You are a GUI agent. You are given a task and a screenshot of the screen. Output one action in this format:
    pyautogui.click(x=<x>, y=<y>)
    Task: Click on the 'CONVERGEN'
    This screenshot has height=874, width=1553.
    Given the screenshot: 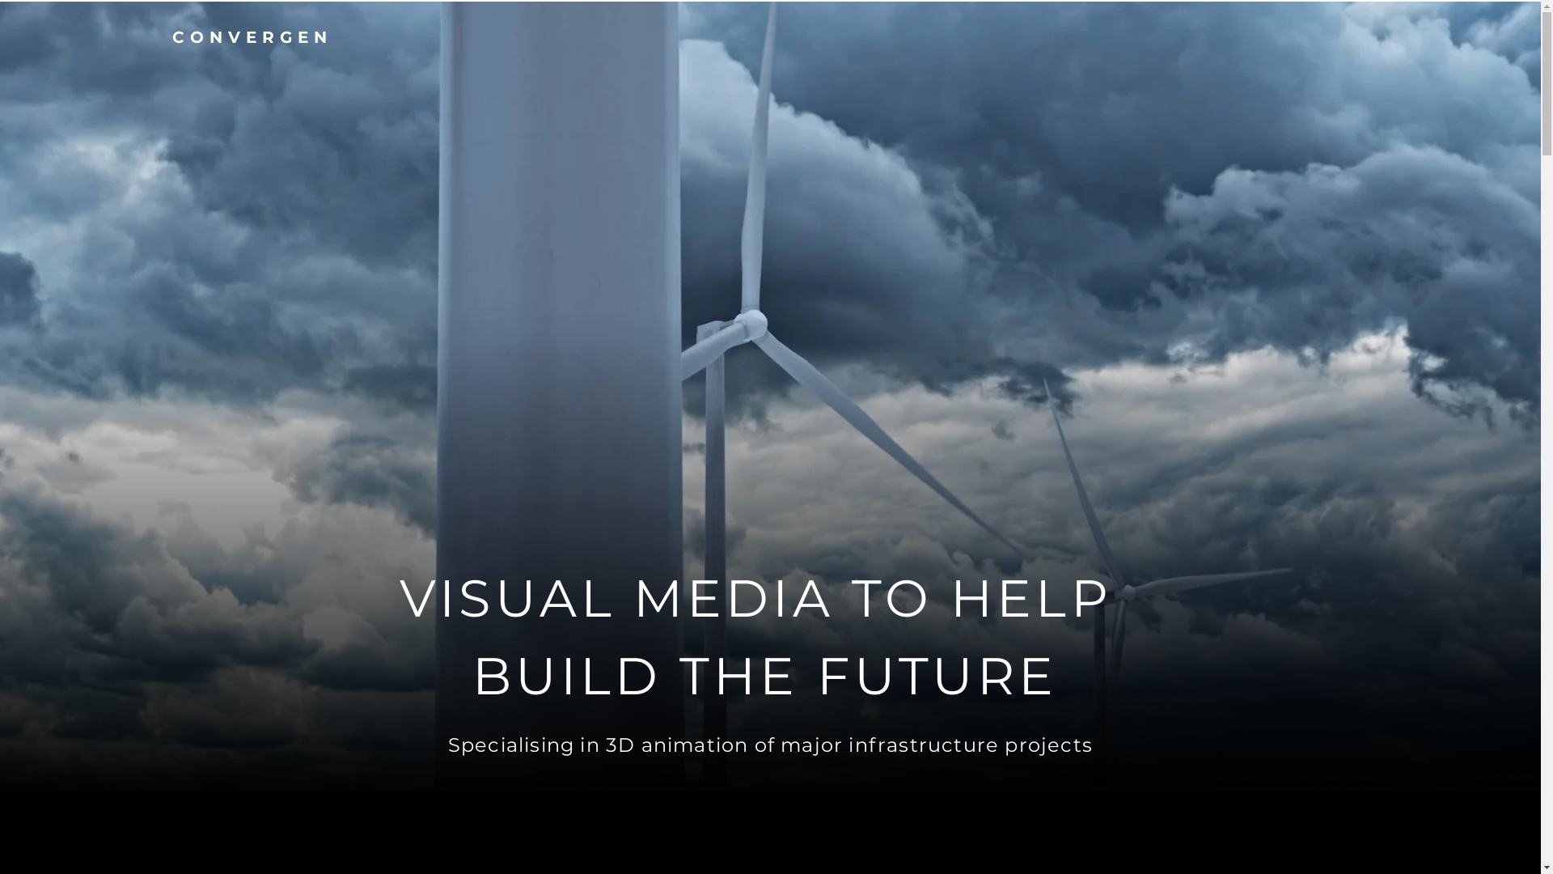 What is the action you would take?
    pyautogui.click(x=252, y=36)
    